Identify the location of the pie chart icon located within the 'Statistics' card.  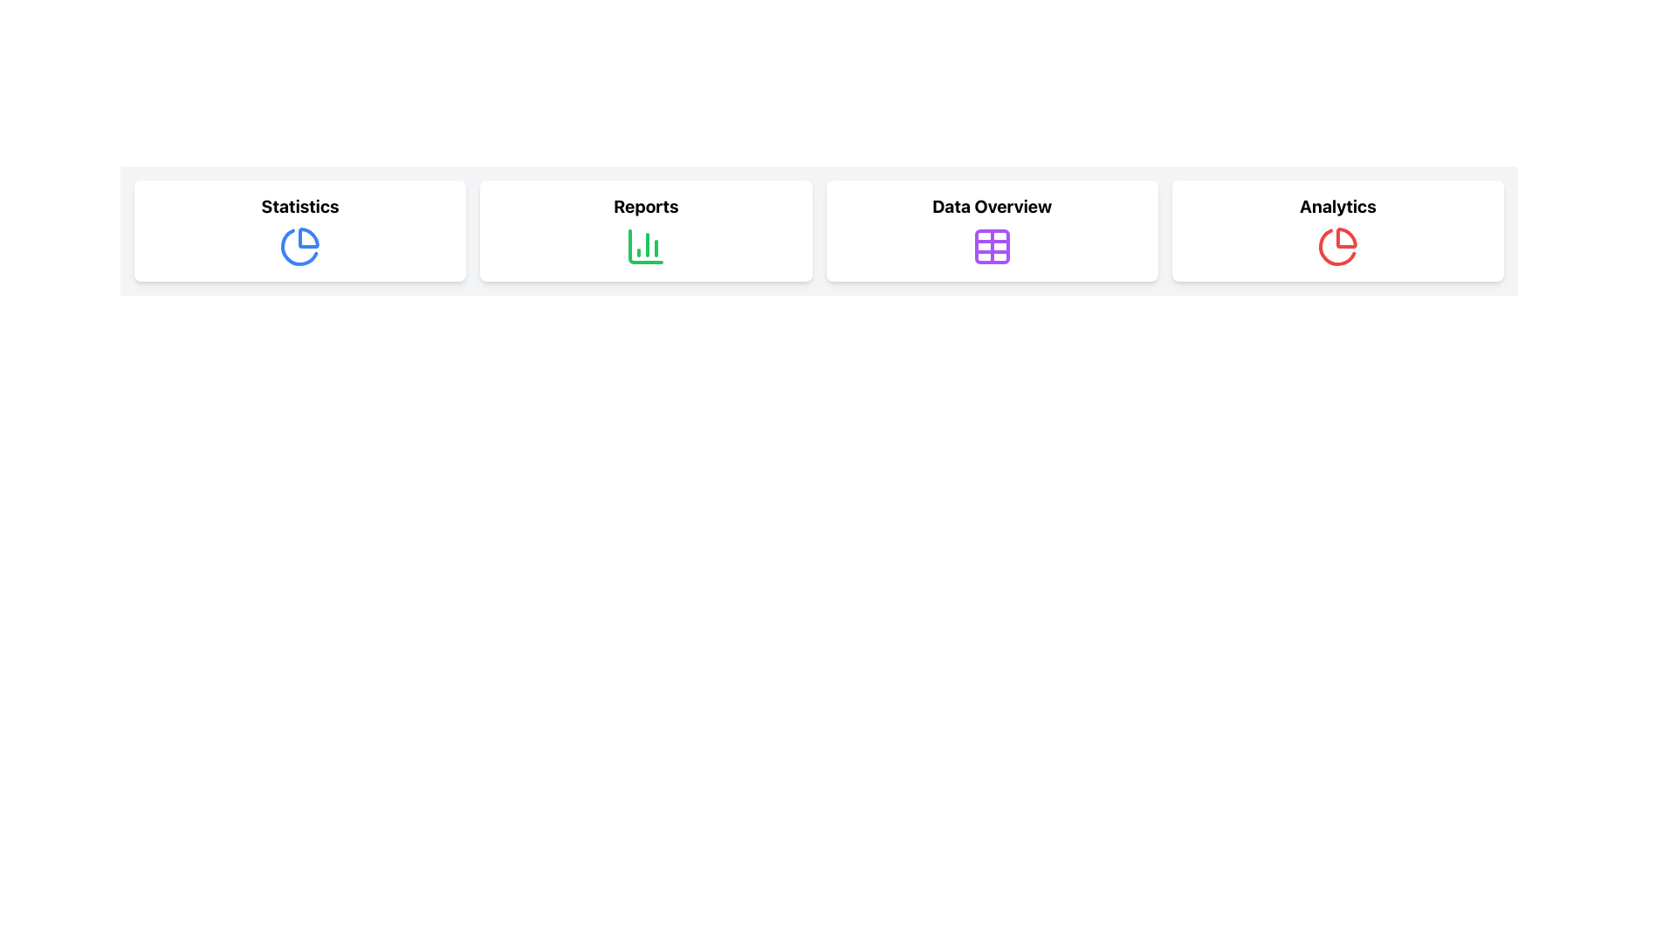
(299, 247).